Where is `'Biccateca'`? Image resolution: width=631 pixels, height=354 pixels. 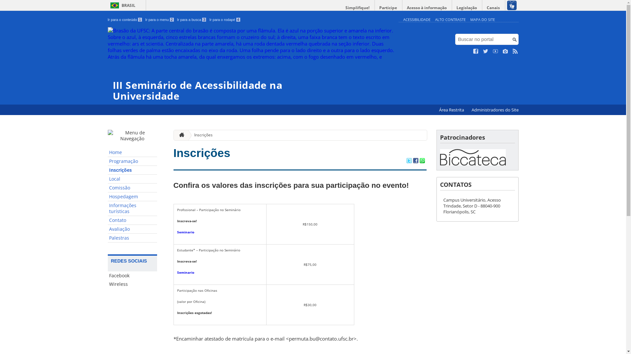 'Biccateca' is located at coordinates (472, 163).